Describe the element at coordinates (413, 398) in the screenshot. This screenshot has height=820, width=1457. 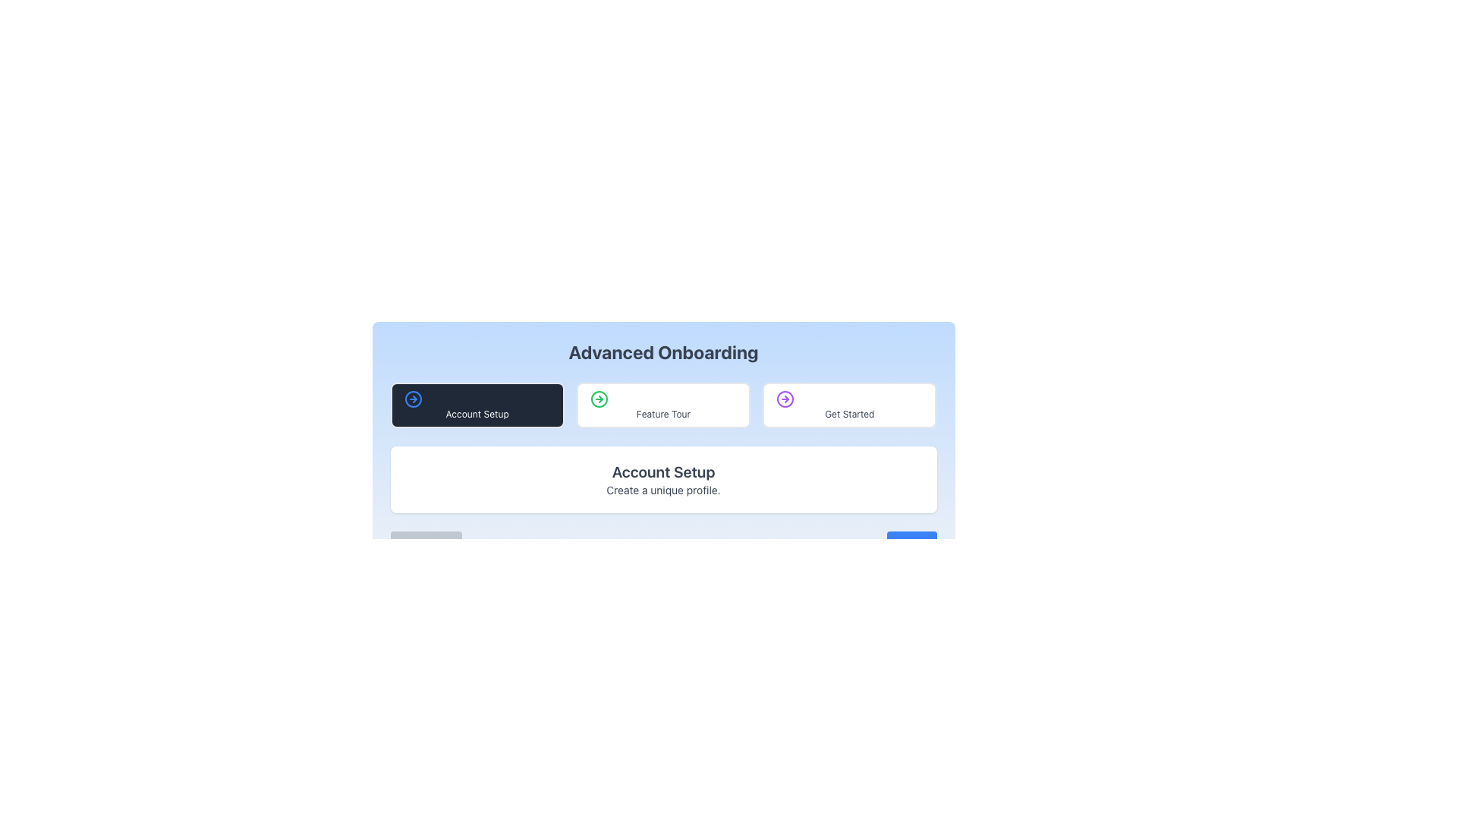
I see `the circle graphic within the SVG icon, which is part of a navigation bar and features a blue color scheme on a dark background` at that location.